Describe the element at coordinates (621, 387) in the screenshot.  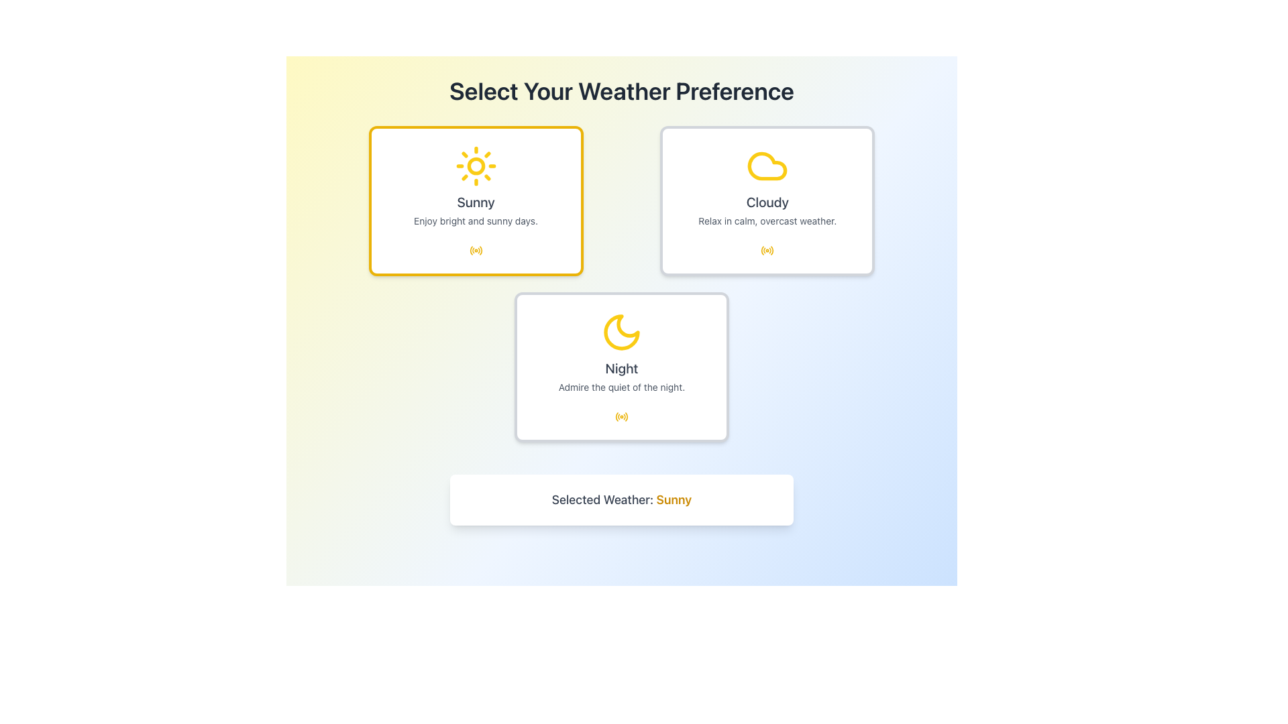
I see `the text element that displays 'Admire the quiet of the night.' which is styled in a smaller, light gray font, located at the bottom of the 'Night' card` at that location.